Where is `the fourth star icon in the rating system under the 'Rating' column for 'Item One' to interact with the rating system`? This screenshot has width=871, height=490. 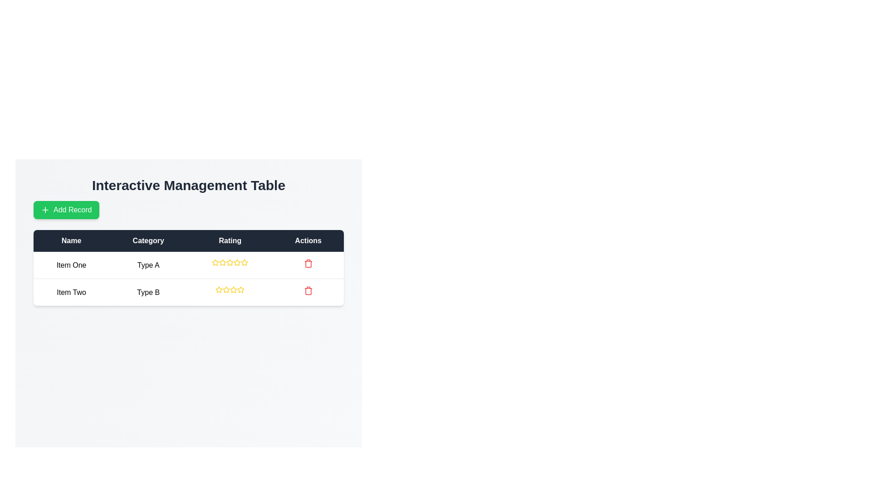 the fourth star icon in the rating system under the 'Rating' column for 'Item One' to interact with the rating system is located at coordinates (230, 262).